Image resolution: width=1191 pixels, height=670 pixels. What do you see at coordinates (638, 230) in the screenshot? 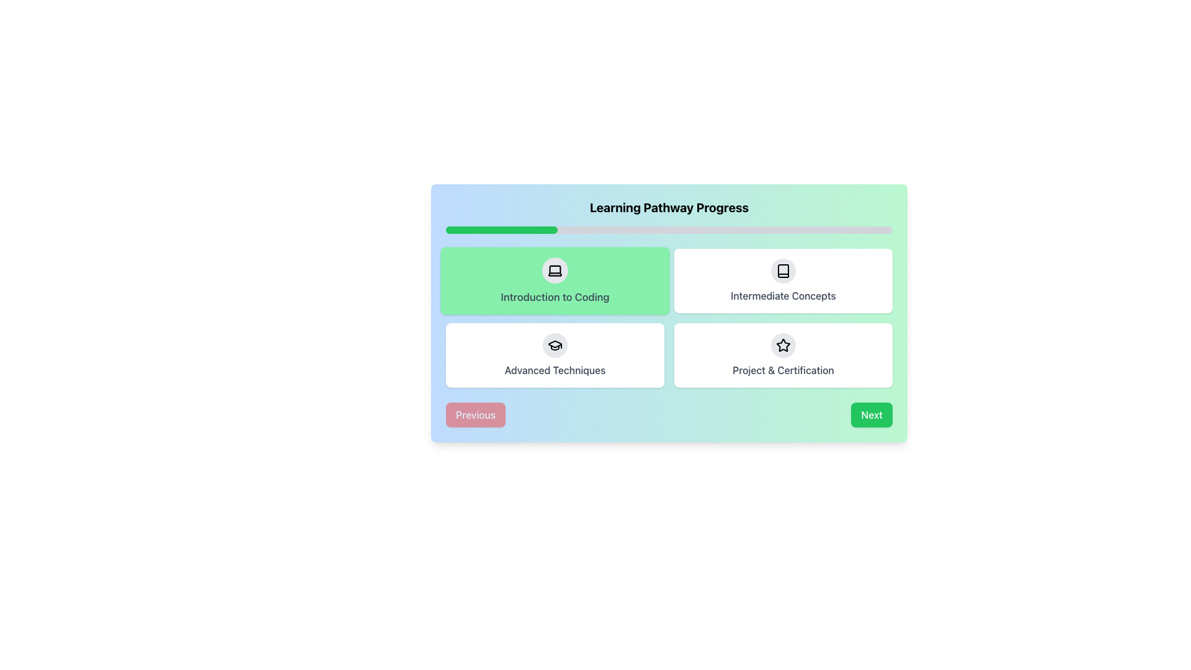
I see `progress` at bounding box center [638, 230].